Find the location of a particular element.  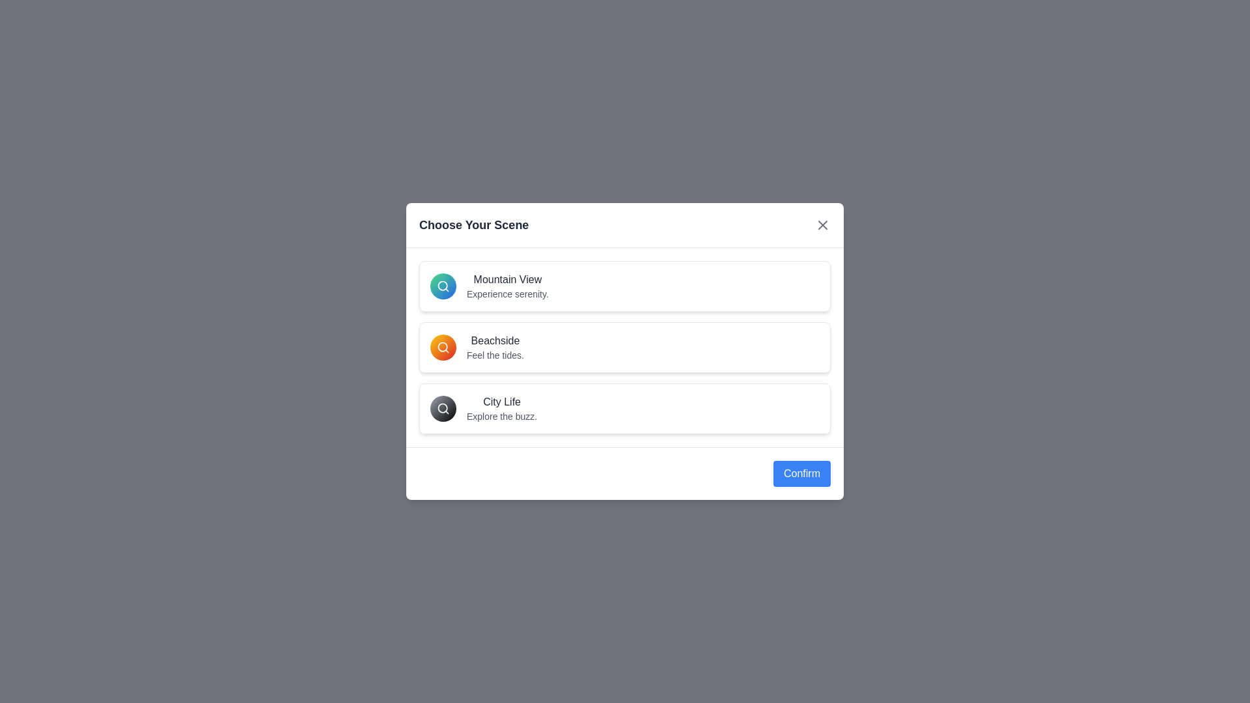

the 'X' button to close the dialog is located at coordinates (822, 225).